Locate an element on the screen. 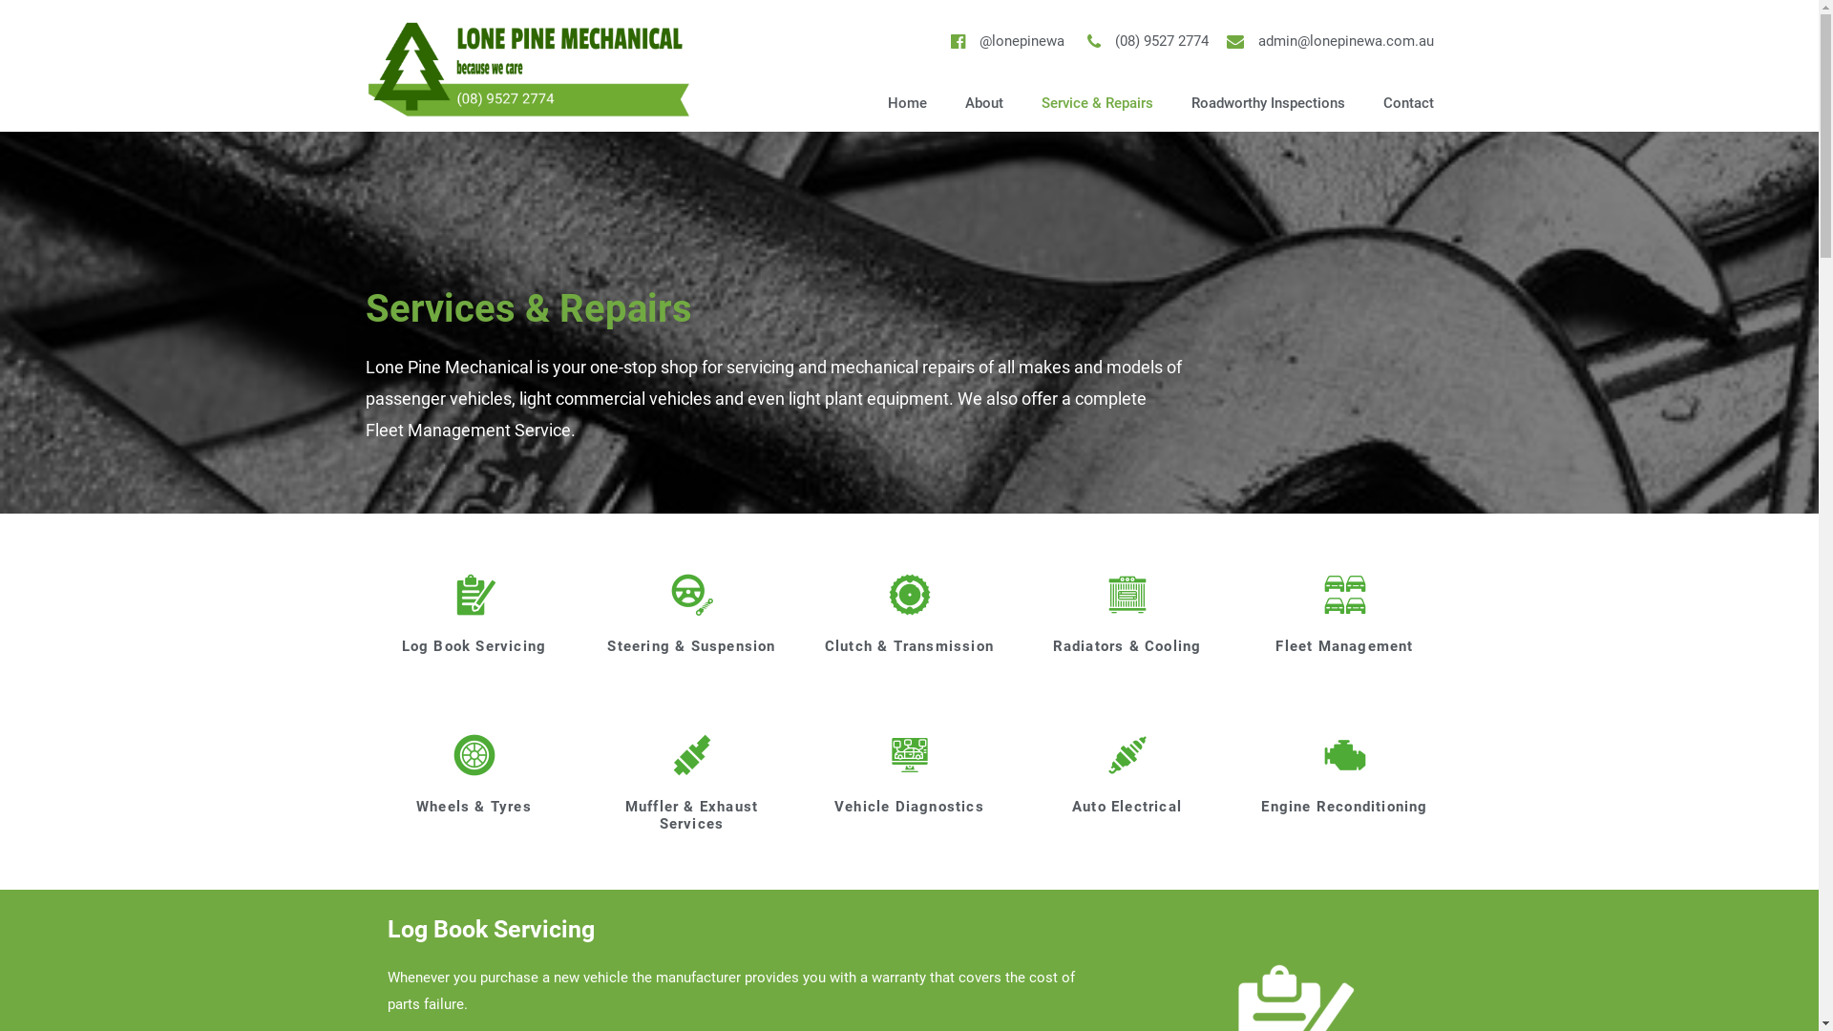 The height and width of the screenshot is (1031, 1833). 'Auto Electrical' is located at coordinates (1072, 806).